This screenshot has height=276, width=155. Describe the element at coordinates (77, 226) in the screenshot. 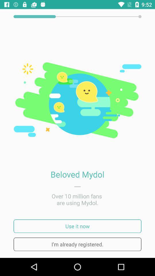

I see `the item above the i m already` at that location.